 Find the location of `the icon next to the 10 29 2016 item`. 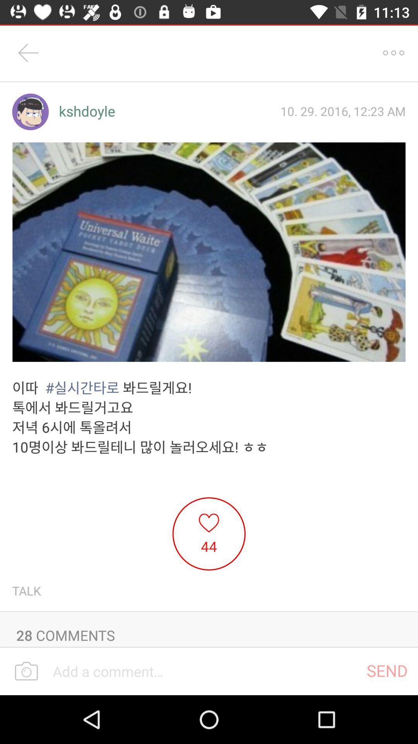

the icon next to the 10 29 2016 item is located at coordinates (87, 111).